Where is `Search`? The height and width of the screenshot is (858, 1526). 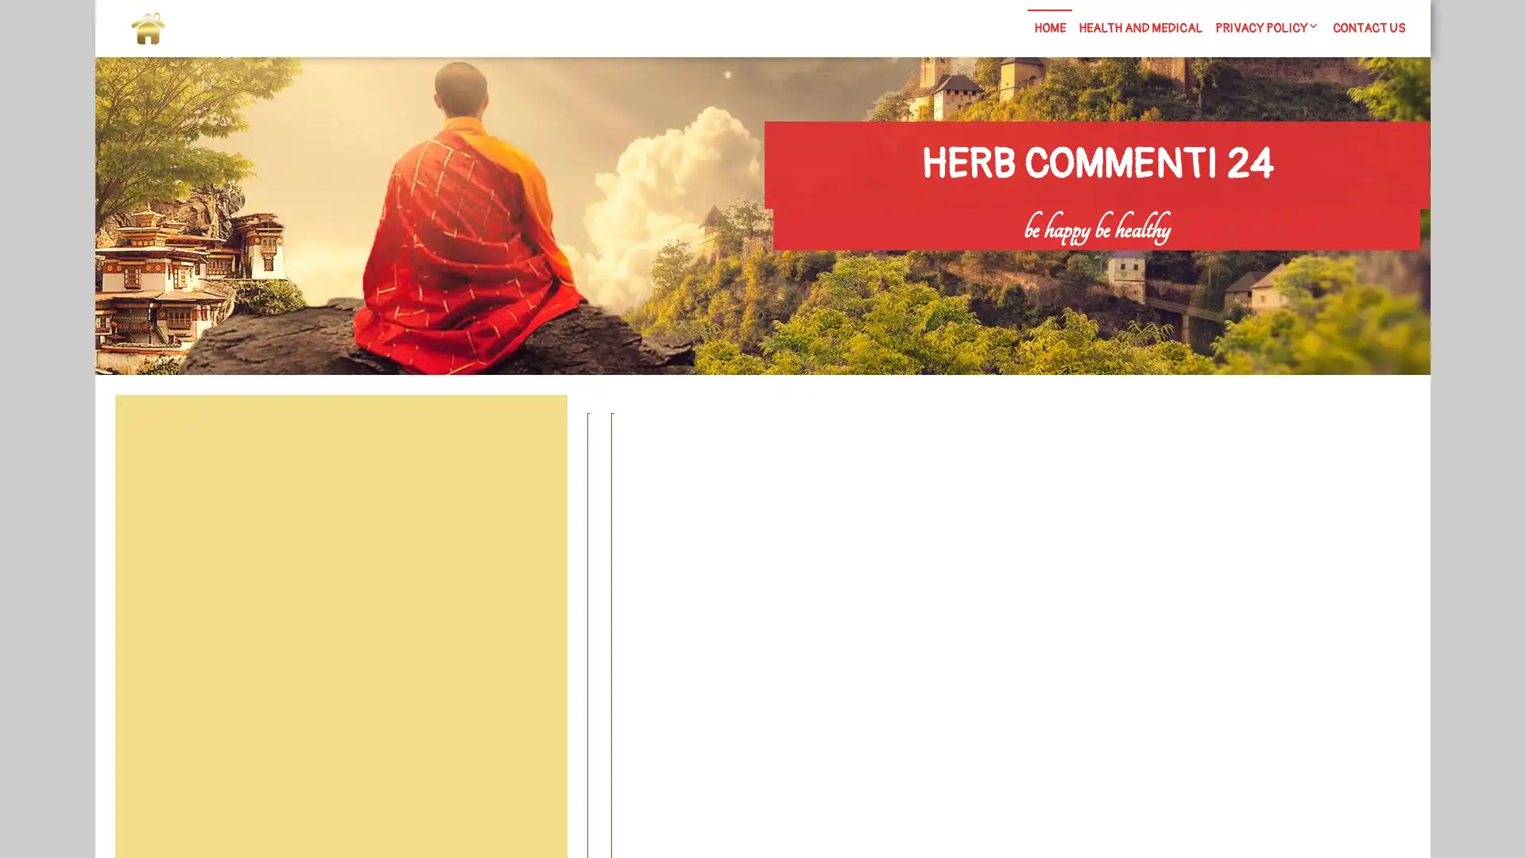 Search is located at coordinates (1237, 260).